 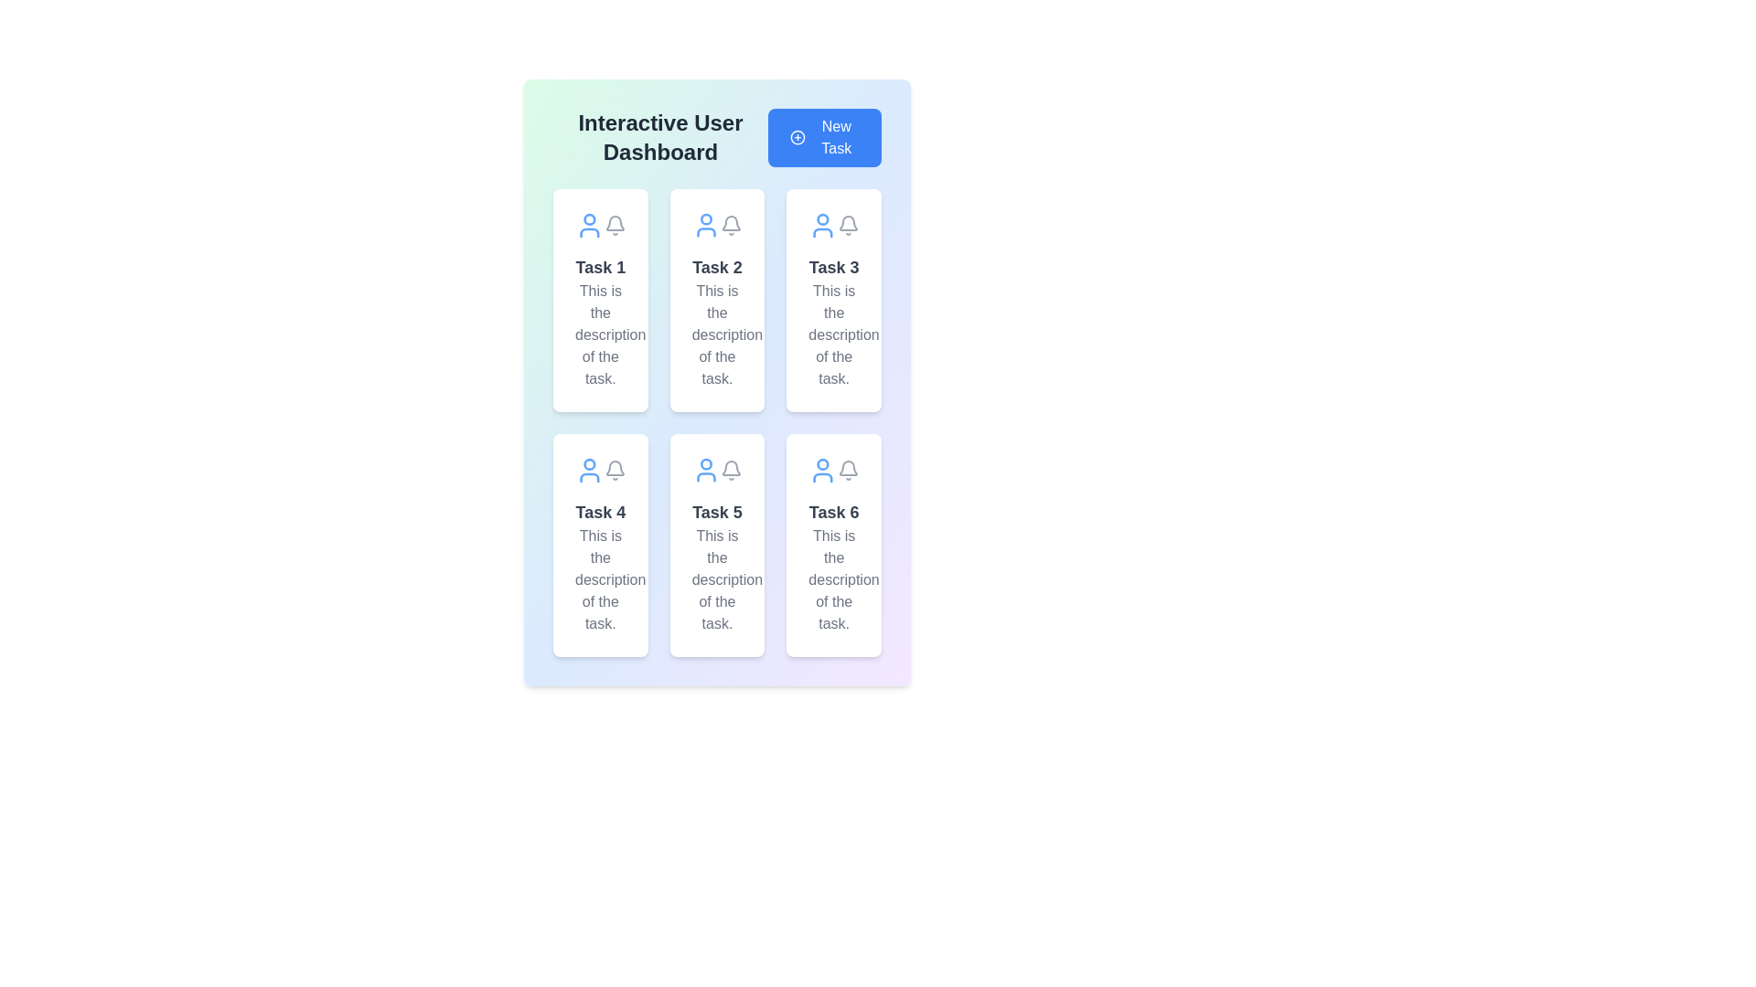 I want to click on the SVG Circle embedded within the user avatar icon located at the top of the second task card in the grid, so click(x=705, y=218).